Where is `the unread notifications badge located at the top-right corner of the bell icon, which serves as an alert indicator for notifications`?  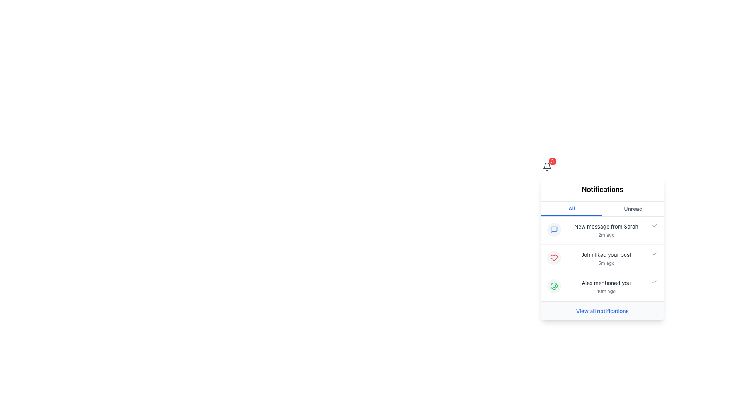
the unread notifications badge located at the top-right corner of the bell icon, which serves as an alert indicator for notifications is located at coordinates (552, 161).